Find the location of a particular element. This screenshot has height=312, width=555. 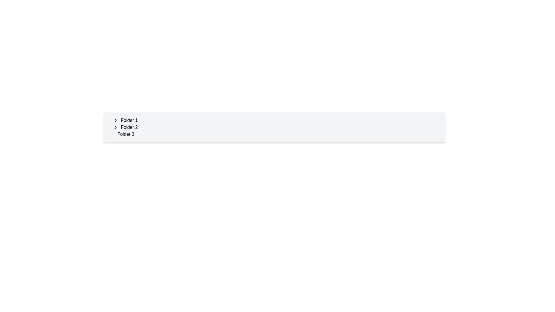

the rightward-pointing triangular arrow icon located to the left of the text label 'Folder 2' is located at coordinates (115, 127).